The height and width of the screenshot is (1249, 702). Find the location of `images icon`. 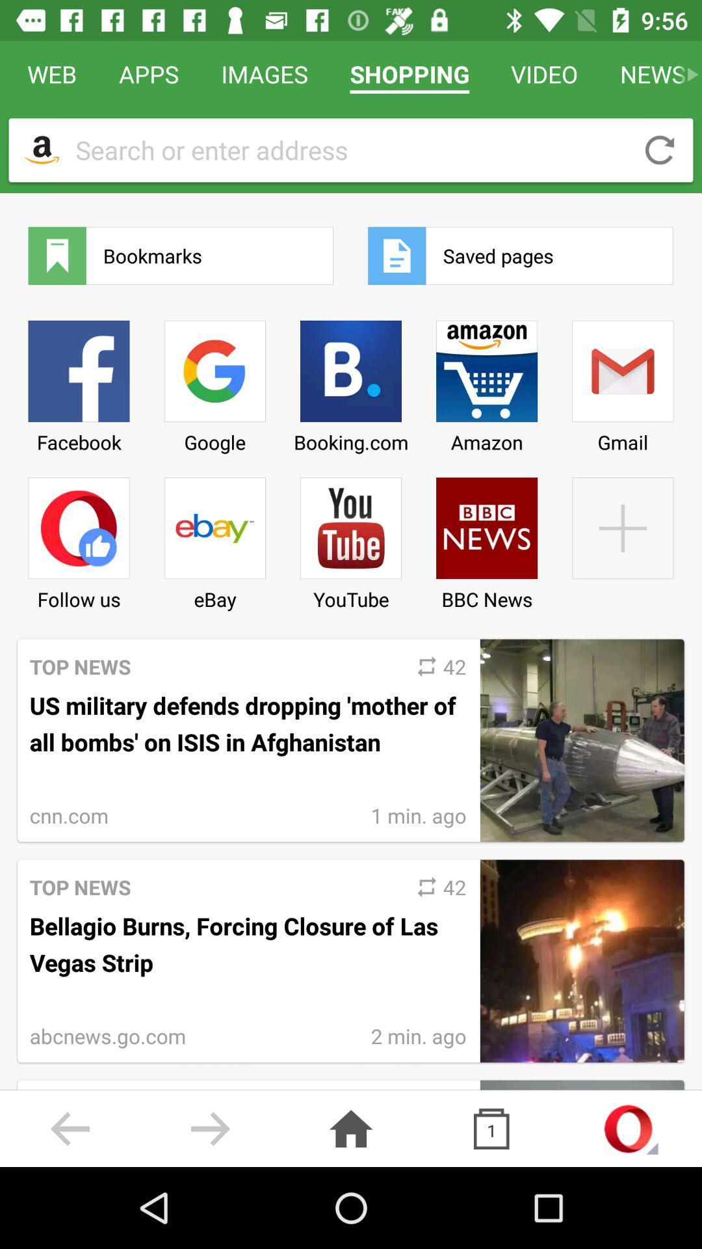

images icon is located at coordinates (264, 74).